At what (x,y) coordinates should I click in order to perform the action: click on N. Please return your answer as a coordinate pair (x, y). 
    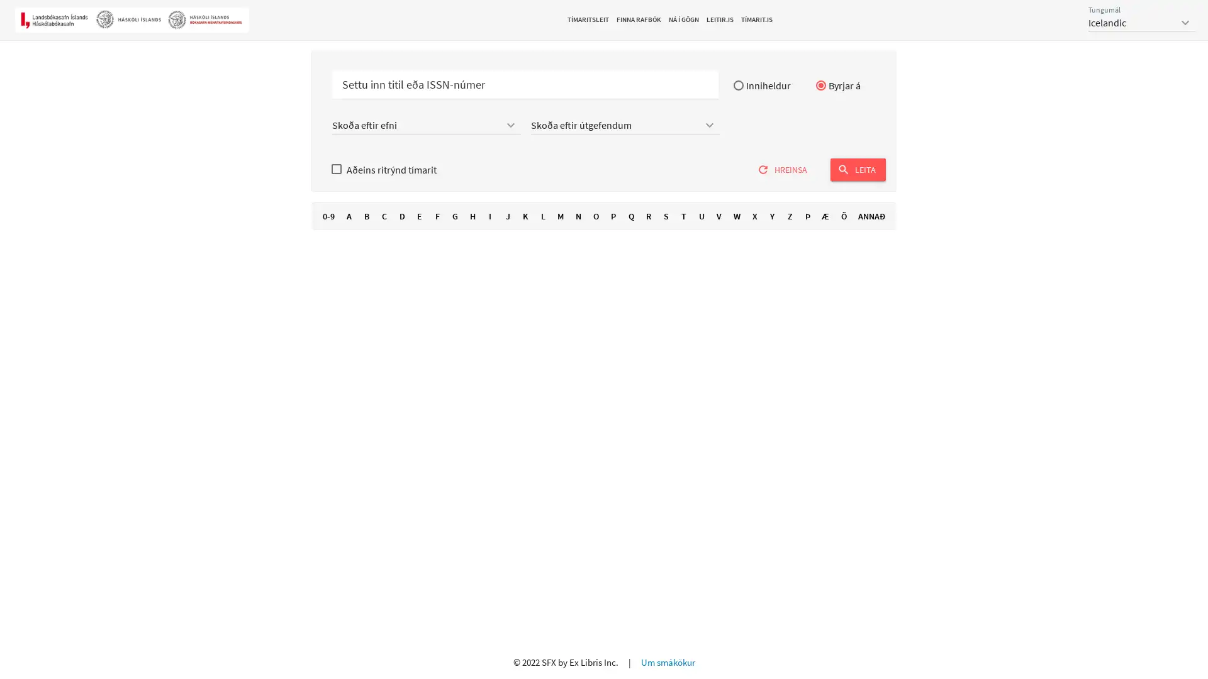
    Looking at the image, I should click on (577, 215).